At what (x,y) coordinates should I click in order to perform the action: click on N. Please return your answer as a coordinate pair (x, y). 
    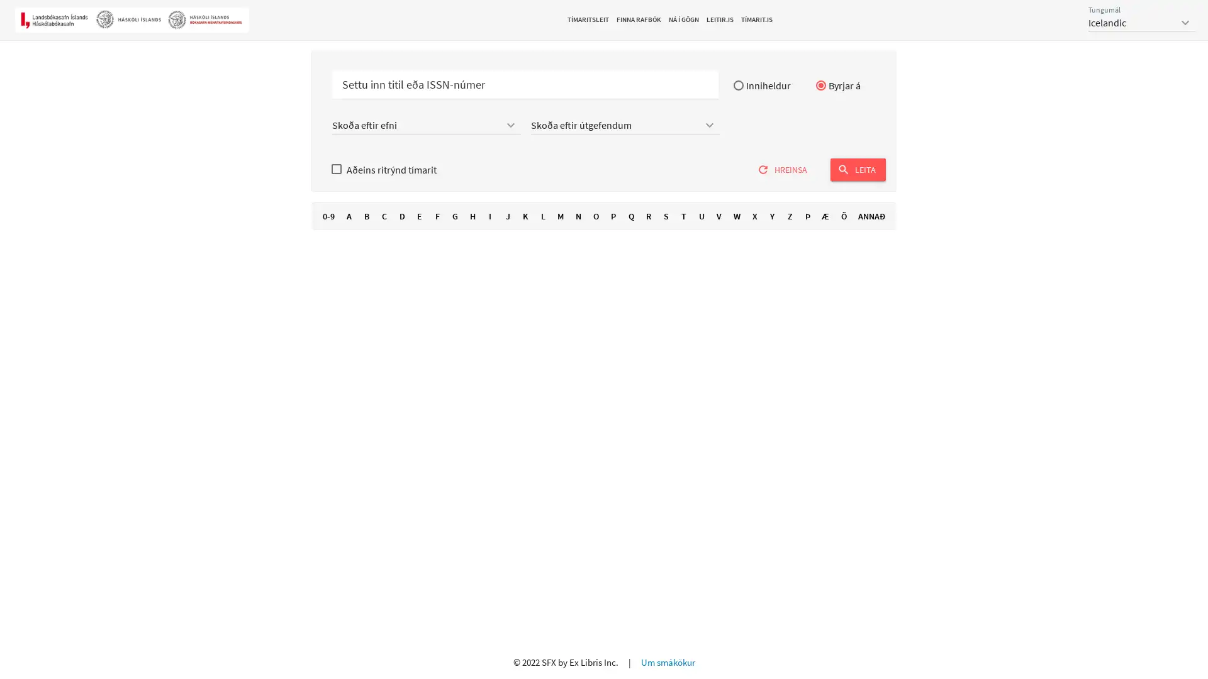
    Looking at the image, I should click on (577, 215).